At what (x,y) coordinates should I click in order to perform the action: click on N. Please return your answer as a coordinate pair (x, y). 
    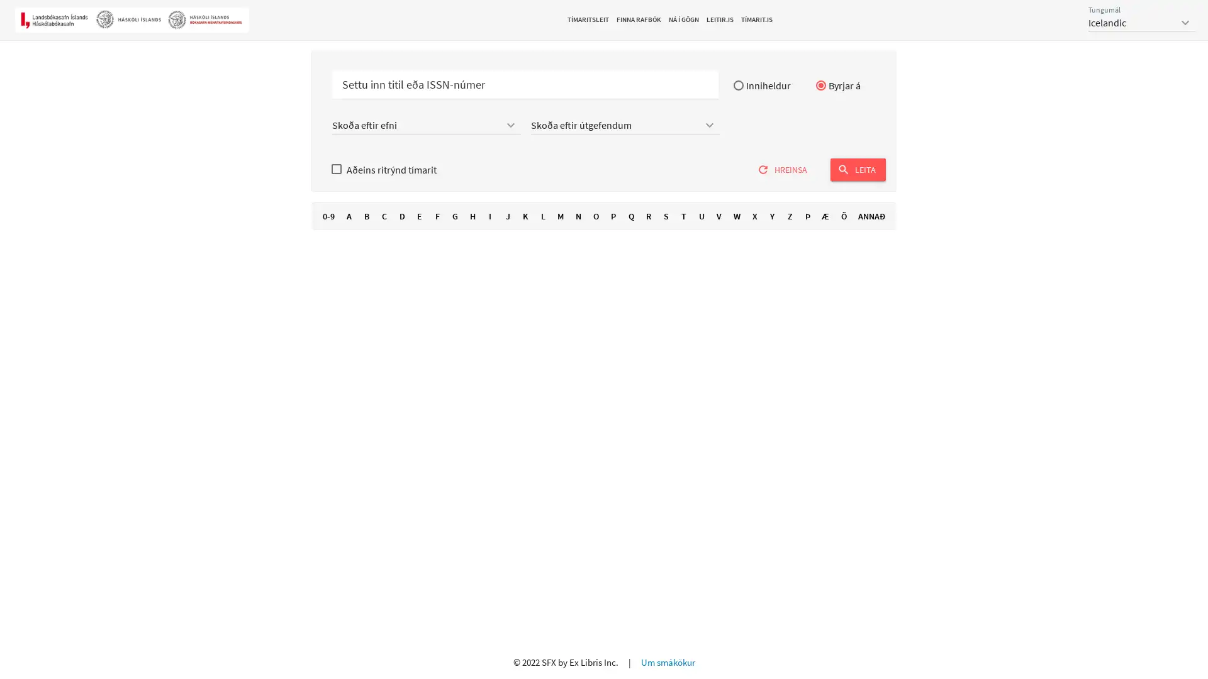
    Looking at the image, I should click on (577, 215).